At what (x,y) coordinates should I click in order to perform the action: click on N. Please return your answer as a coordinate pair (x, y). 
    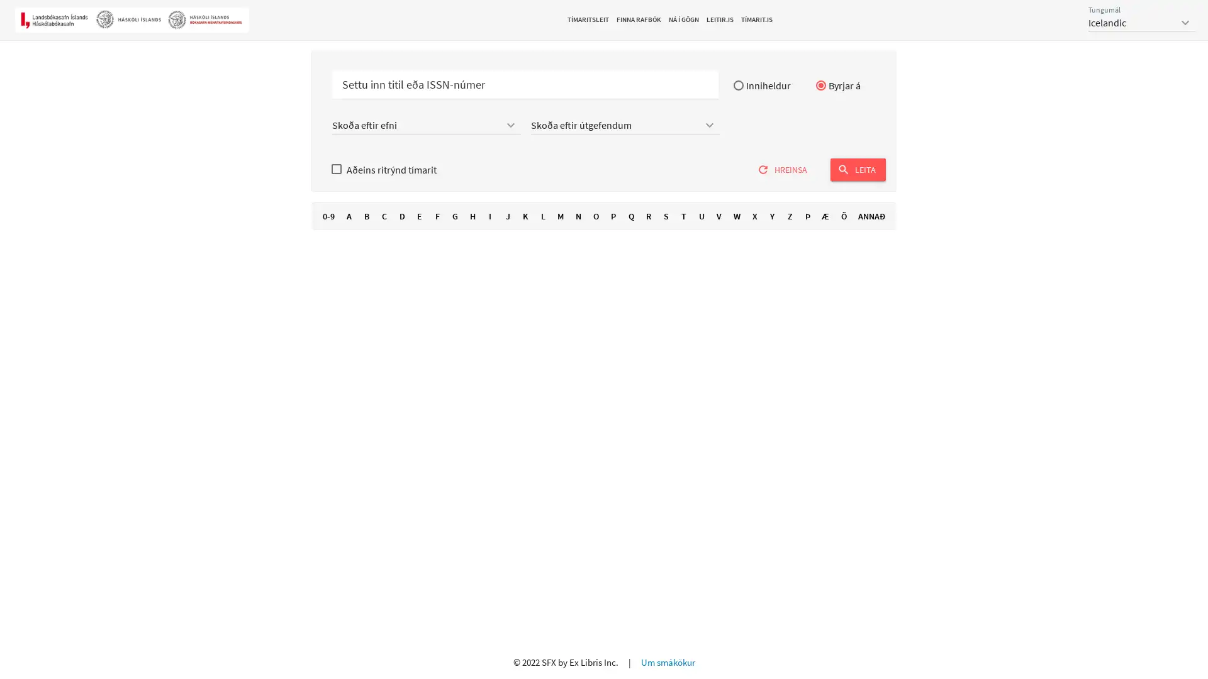
    Looking at the image, I should click on (577, 215).